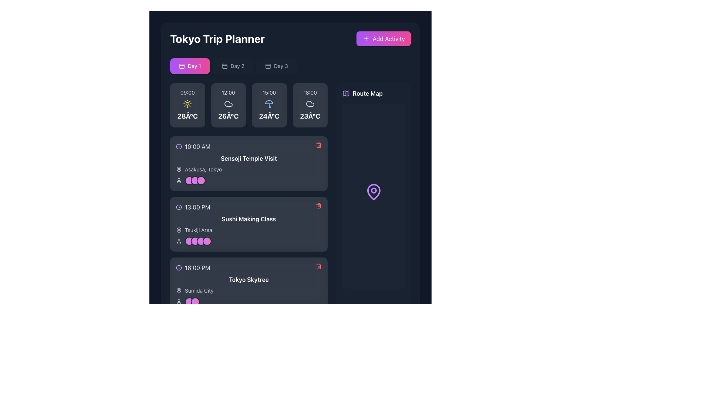 Image resolution: width=710 pixels, height=399 pixels. What do you see at coordinates (179, 290) in the screenshot?
I see `the location icon symbolizing 'Sumida City', which enhances the textual information next to it` at bounding box center [179, 290].